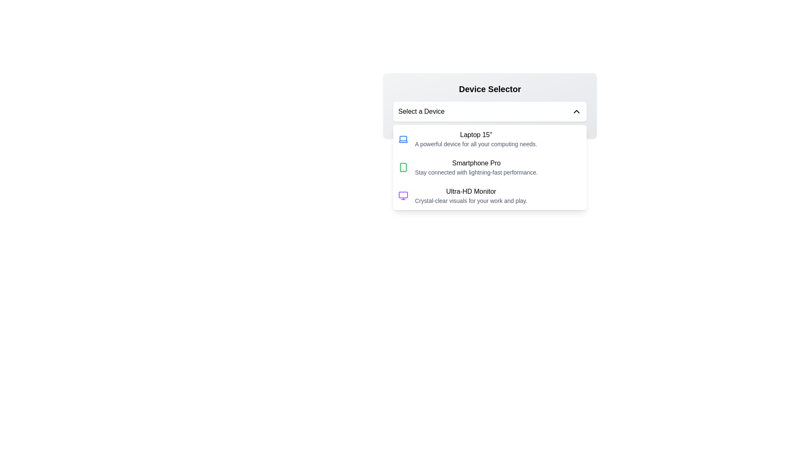  What do you see at coordinates (490, 111) in the screenshot?
I see `the 'Select a Device' dropdown trigger located in the 'Device Selector' component` at bounding box center [490, 111].